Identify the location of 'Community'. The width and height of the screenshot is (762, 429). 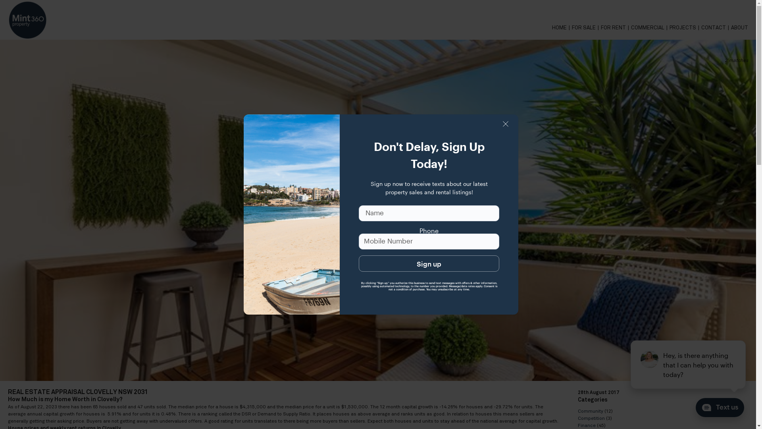
(591, 411).